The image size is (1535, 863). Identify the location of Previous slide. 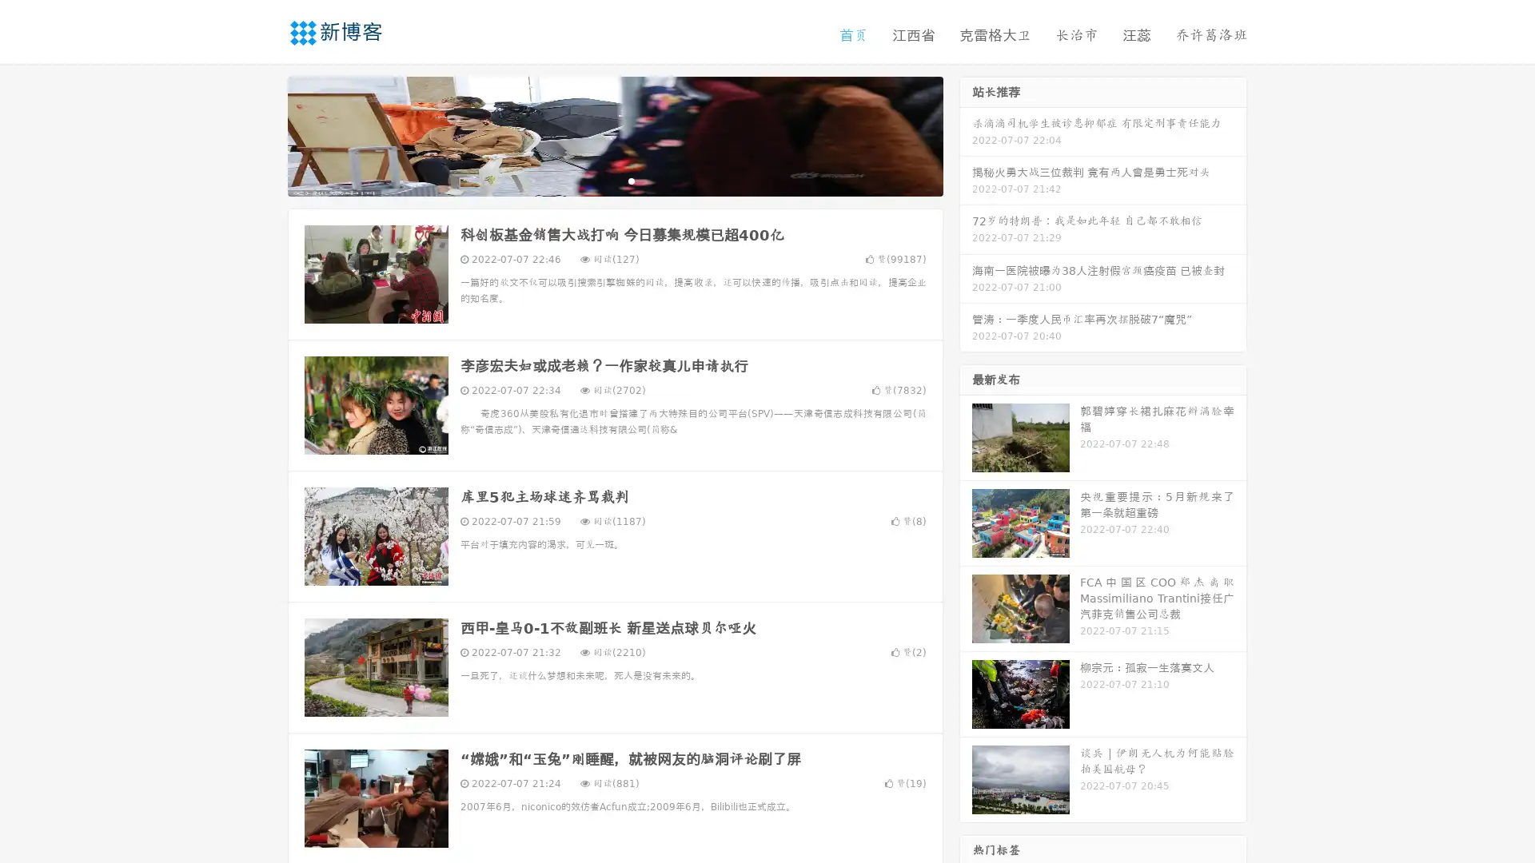
(264, 134).